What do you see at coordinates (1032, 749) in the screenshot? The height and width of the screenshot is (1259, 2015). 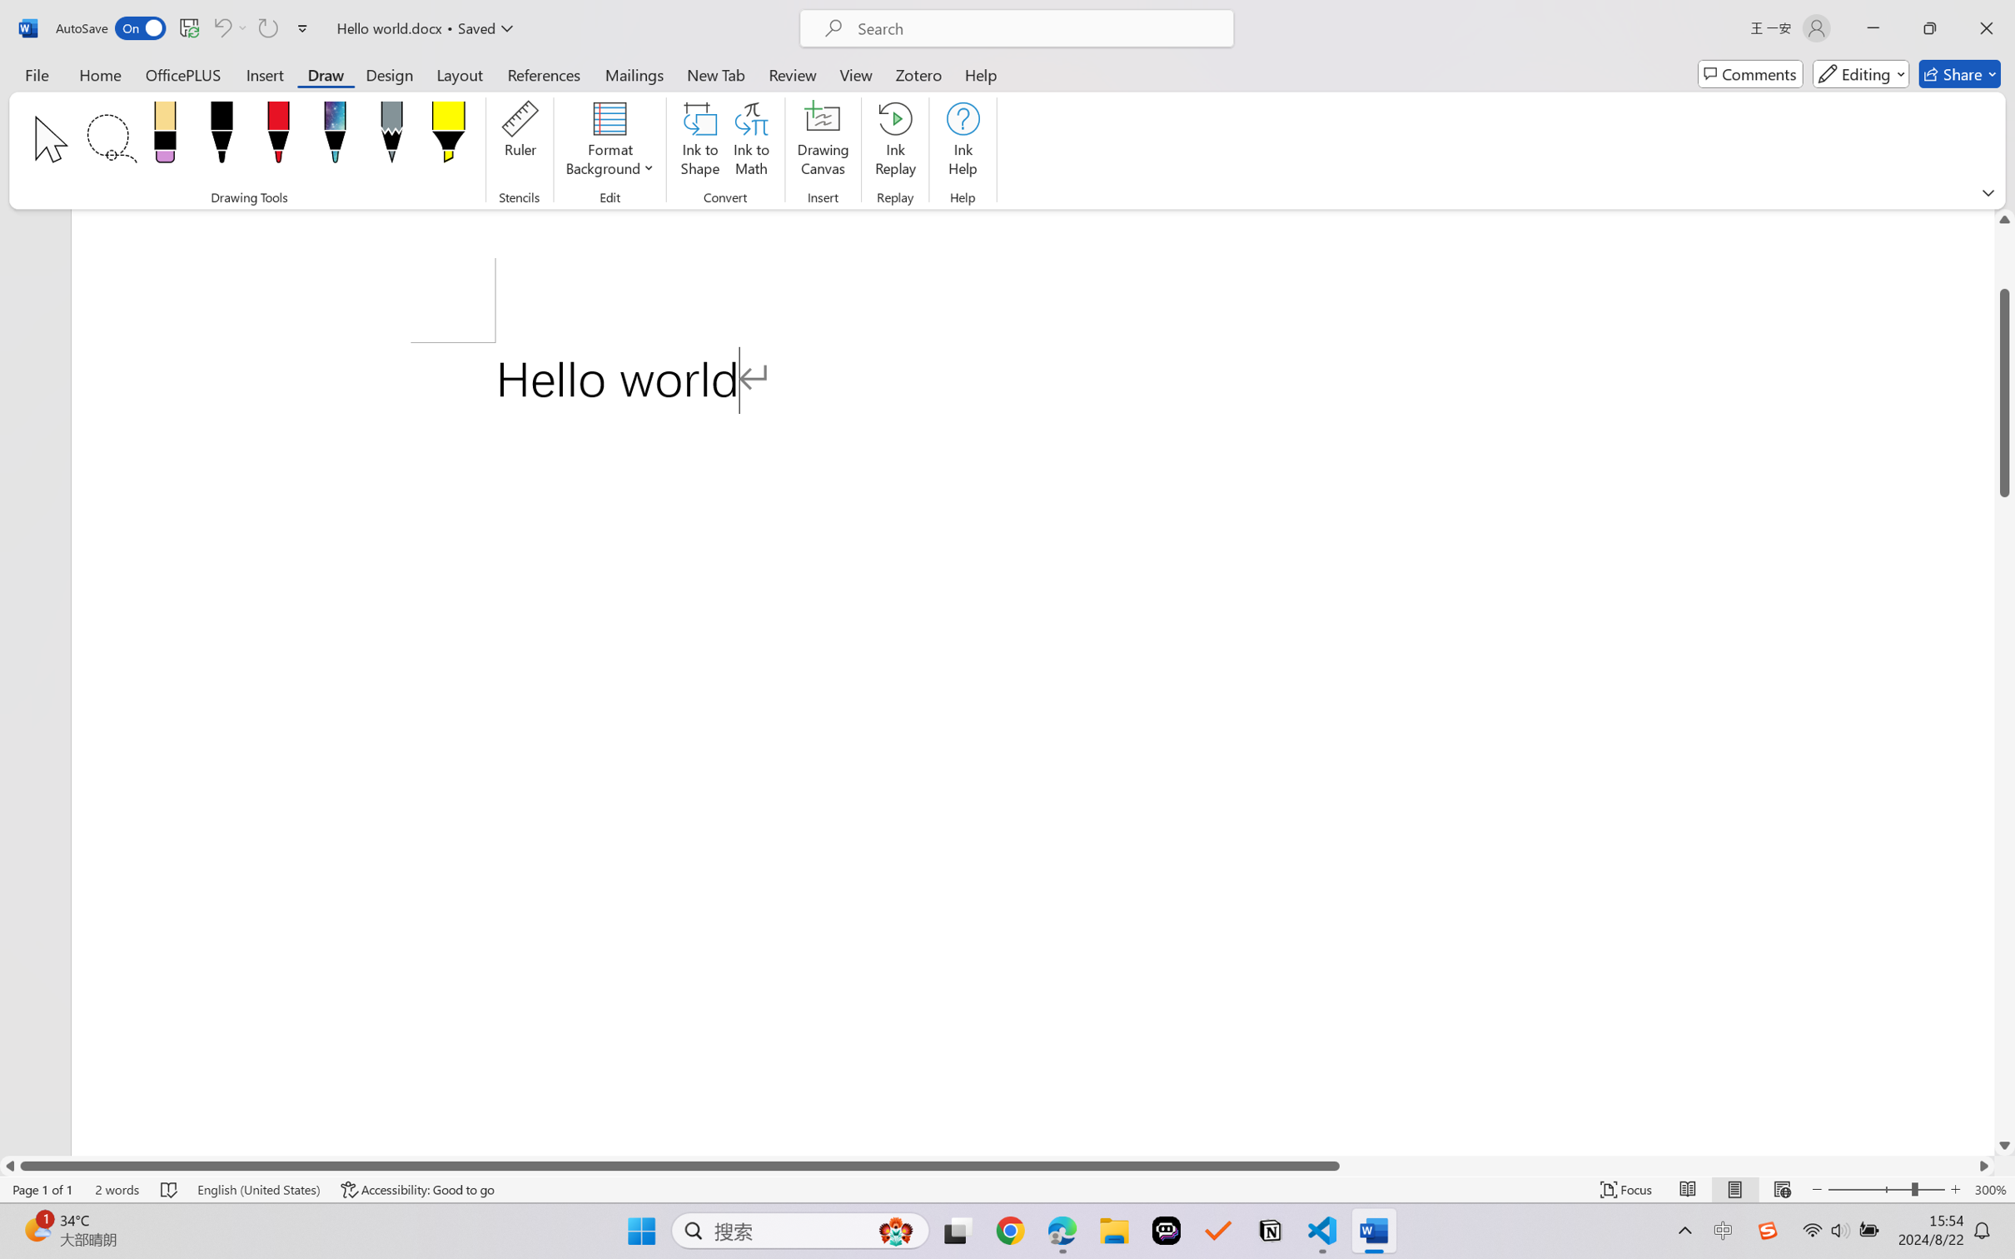 I see `'Page 1 content'` at bounding box center [1032, 749].